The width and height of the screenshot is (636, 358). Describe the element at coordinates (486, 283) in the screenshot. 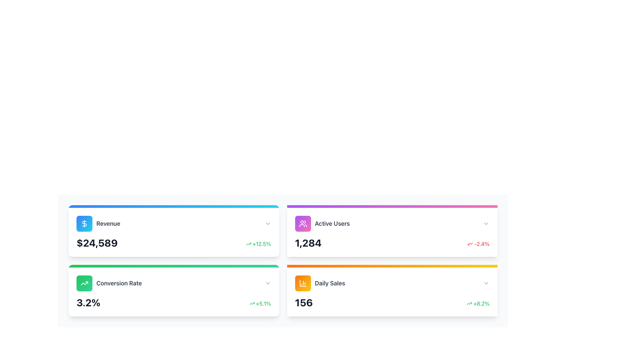

I see `the downward-facing chevron icon located at the far right of the 'Daily Sales' card` at that location.